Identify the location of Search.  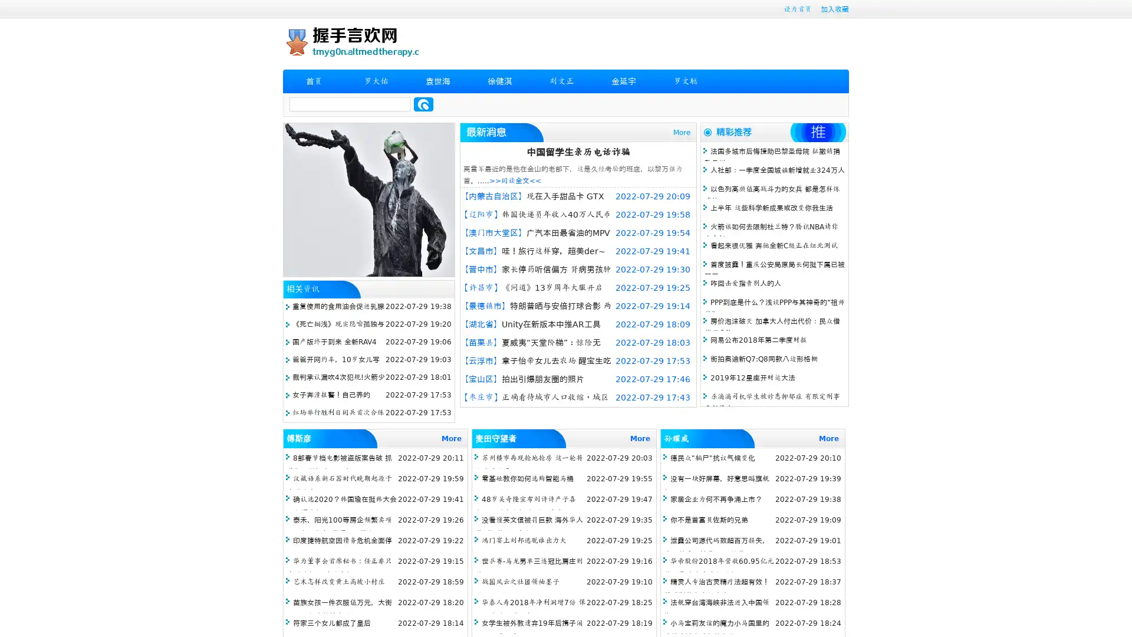
(423, 104).